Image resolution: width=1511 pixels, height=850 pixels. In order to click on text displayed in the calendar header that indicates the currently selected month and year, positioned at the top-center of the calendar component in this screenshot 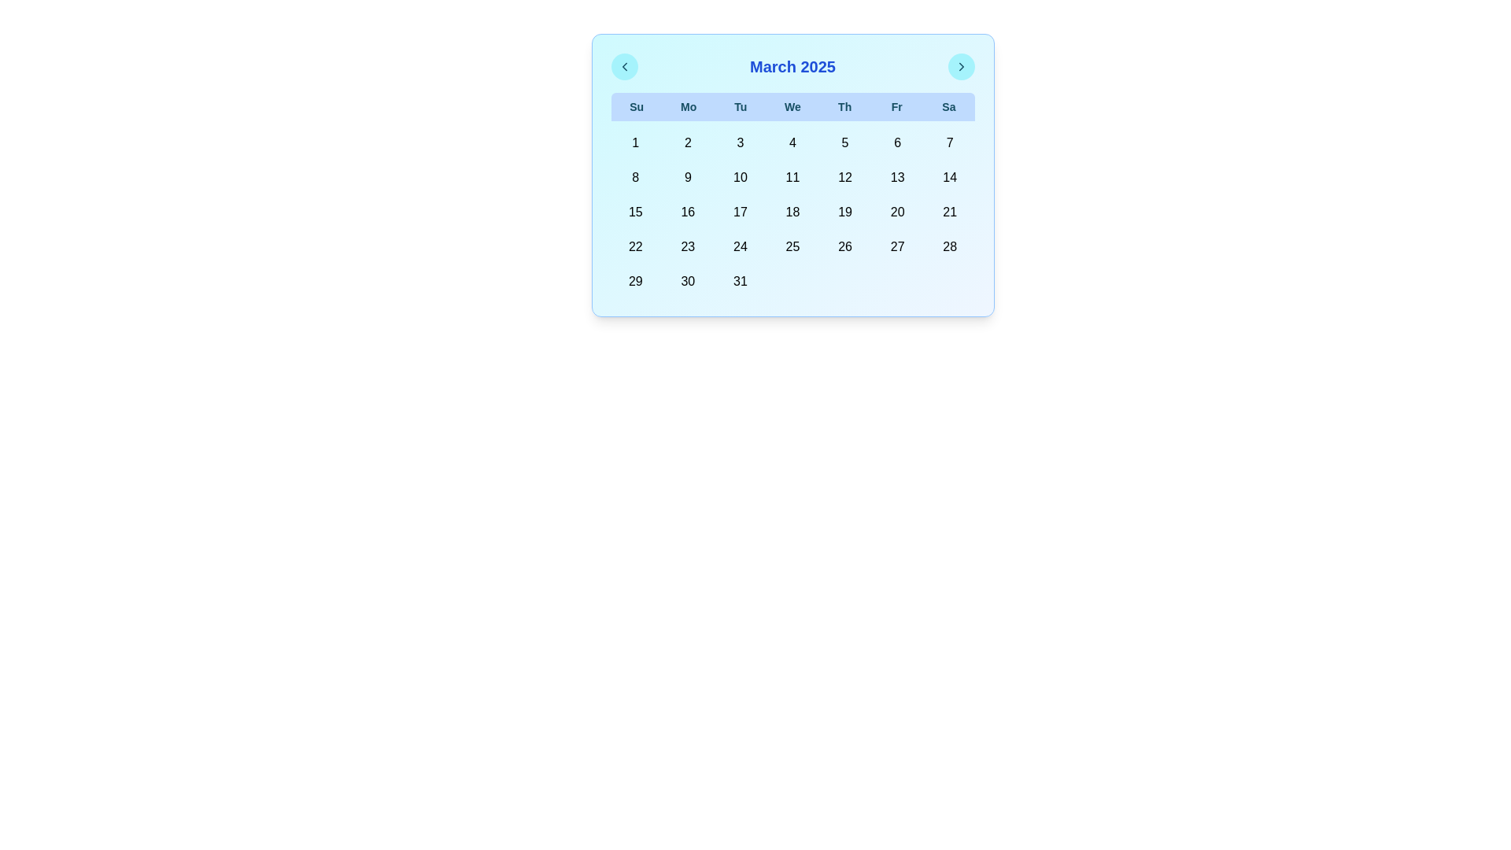, I will do `click(792, 65)`.